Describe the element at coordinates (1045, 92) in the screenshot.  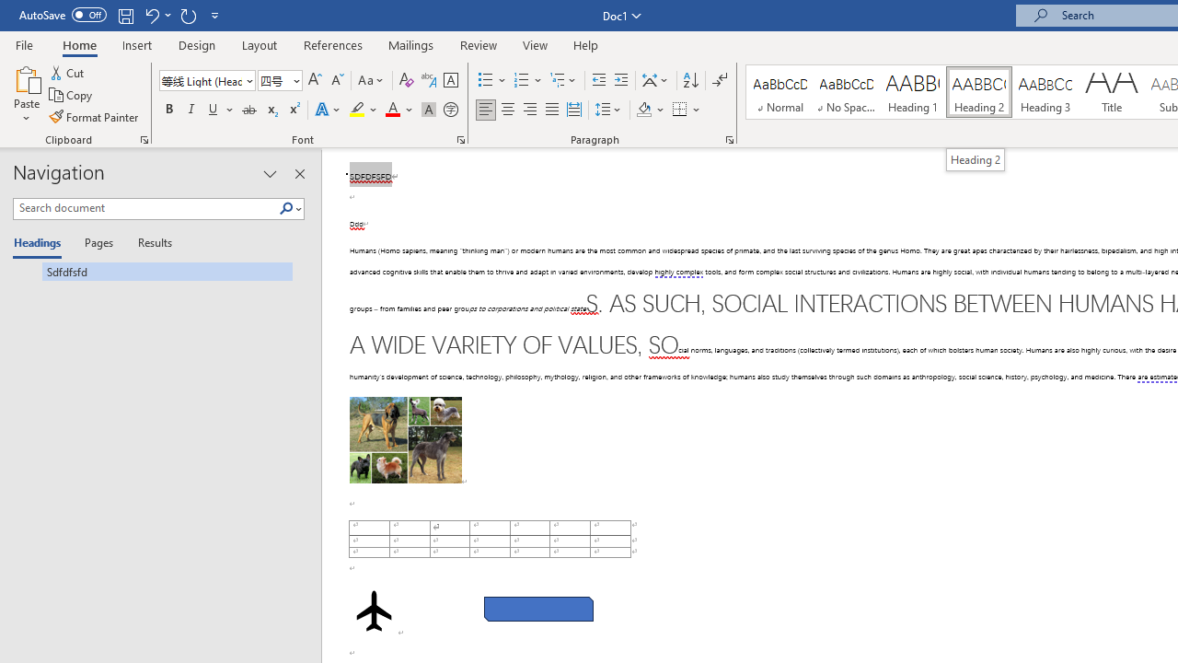
I see `'Heading 3'` at that location.